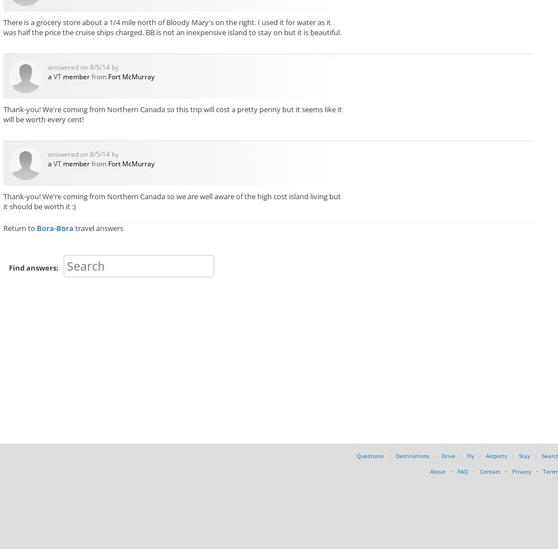 The image size is (558, 549). Describe the element at coordinates (74, 227) in the screenshot. I see `'travel answers'` at that location.